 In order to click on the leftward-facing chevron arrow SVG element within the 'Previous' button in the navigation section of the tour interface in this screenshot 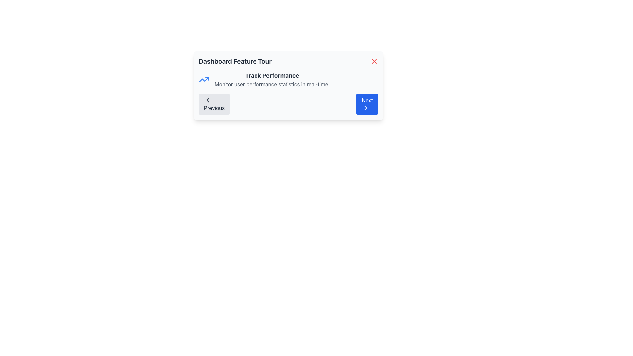, I will do `click(207, 100)`.